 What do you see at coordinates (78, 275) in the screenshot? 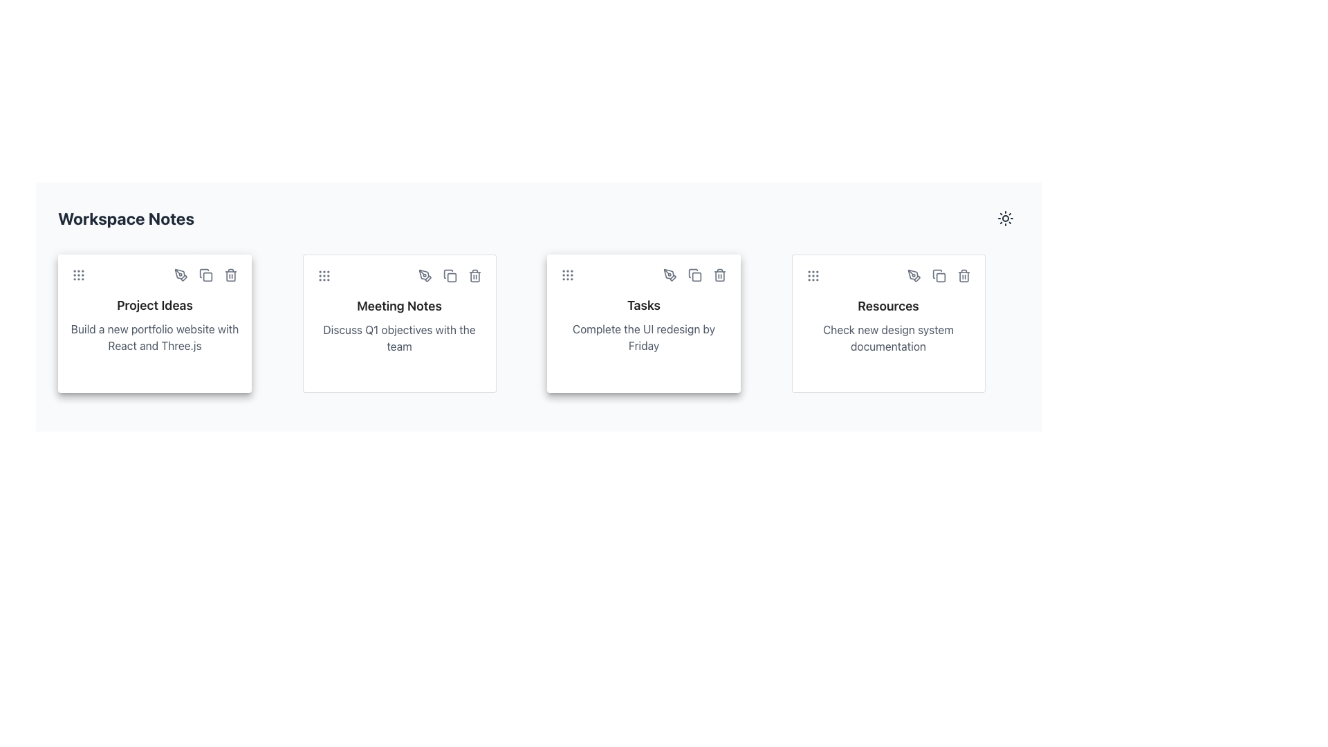
I see `the grip handle icon located at the upper-left corner of the 'Project Ideas' card, which is used for dragging or rearranging the card` at bounding box center [78, 275].